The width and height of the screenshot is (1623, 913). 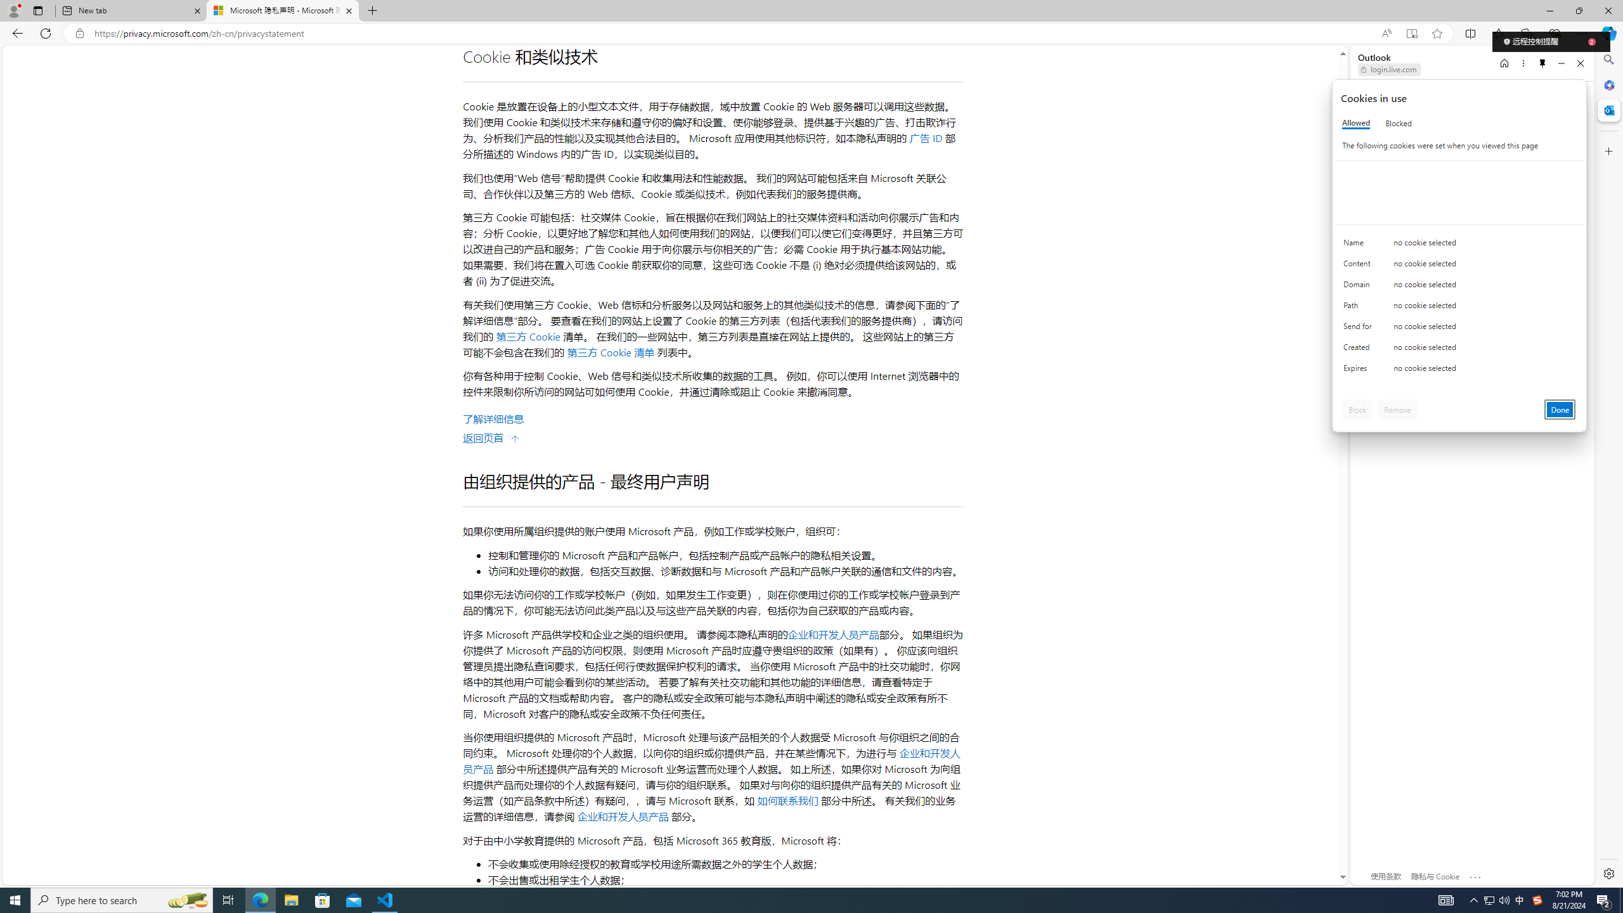 What do you see at coordinates (1459, 245) in the screenshot?
I see `'Class: c0153 c0157 c0154'` at bounding box center [1459, 245].